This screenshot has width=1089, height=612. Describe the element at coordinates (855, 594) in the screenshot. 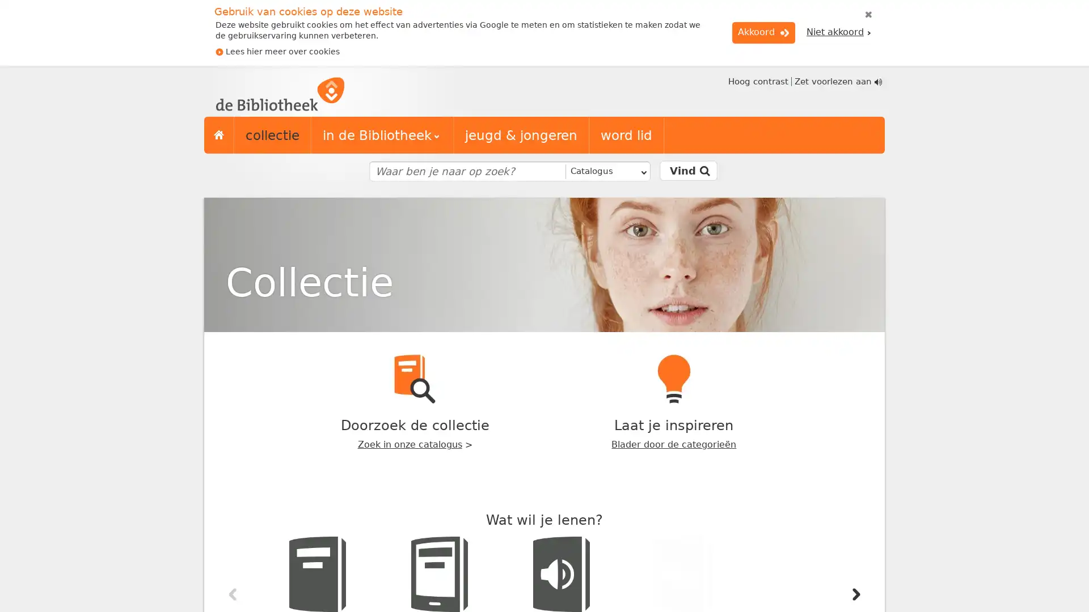

I see `Volgende` at that location.